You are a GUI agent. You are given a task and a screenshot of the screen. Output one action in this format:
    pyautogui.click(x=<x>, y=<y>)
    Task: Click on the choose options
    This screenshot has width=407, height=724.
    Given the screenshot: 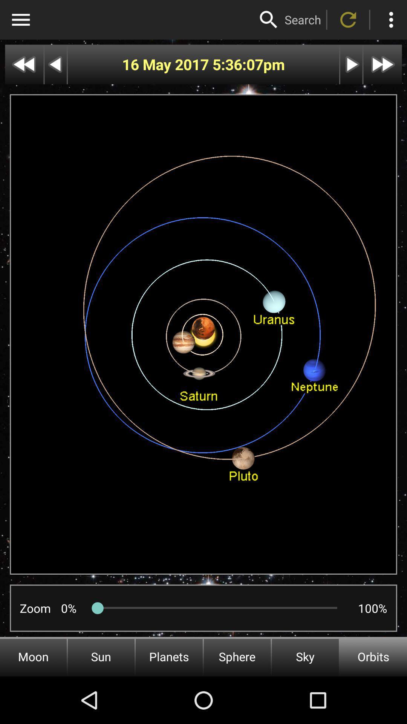 What is the action you would take?
    pyautogui.click(x=20, y=20)
    